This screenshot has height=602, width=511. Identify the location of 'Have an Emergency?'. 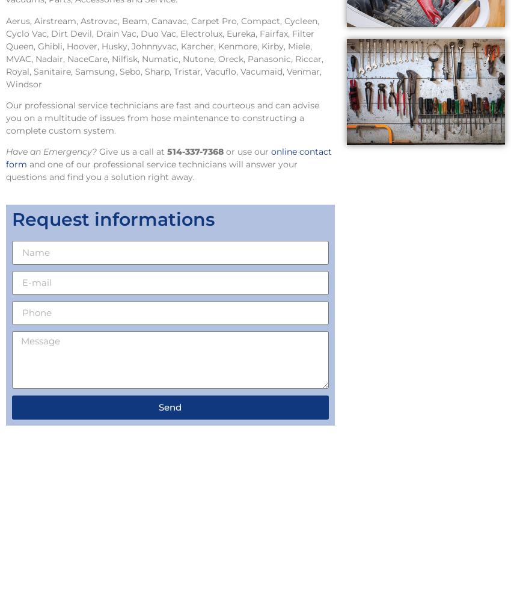
(51, 152).